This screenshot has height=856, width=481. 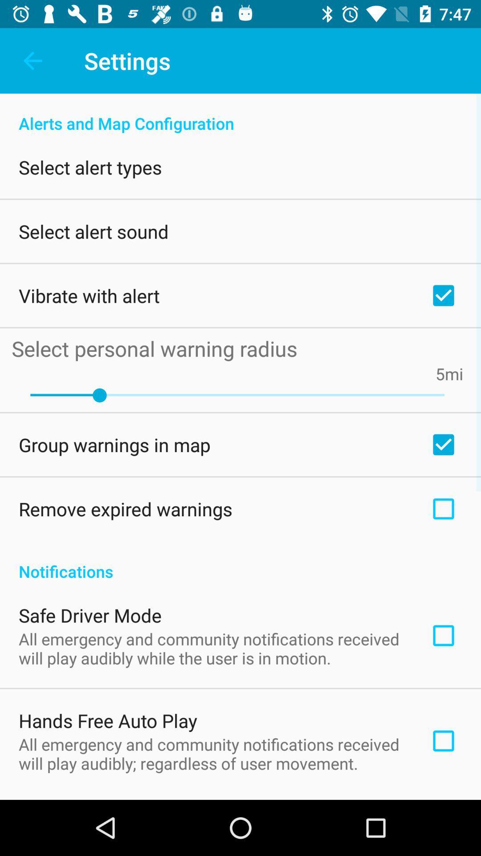 I want to click on the icon to the right of 5 app, so click(x=454, y=374).